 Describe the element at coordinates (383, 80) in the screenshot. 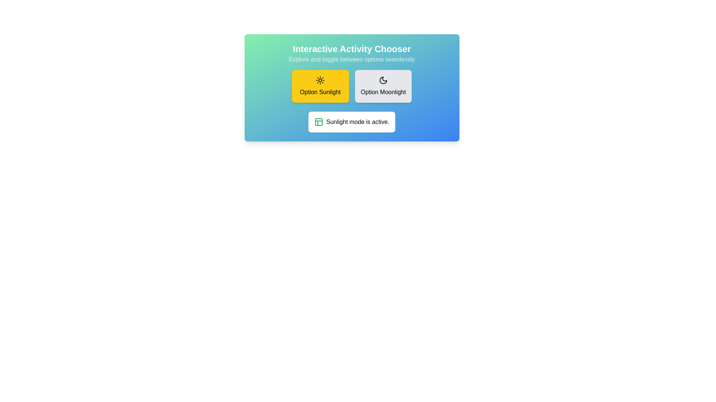

I see `the 'Option Moonlight' button by clicking its center icon` at that location.